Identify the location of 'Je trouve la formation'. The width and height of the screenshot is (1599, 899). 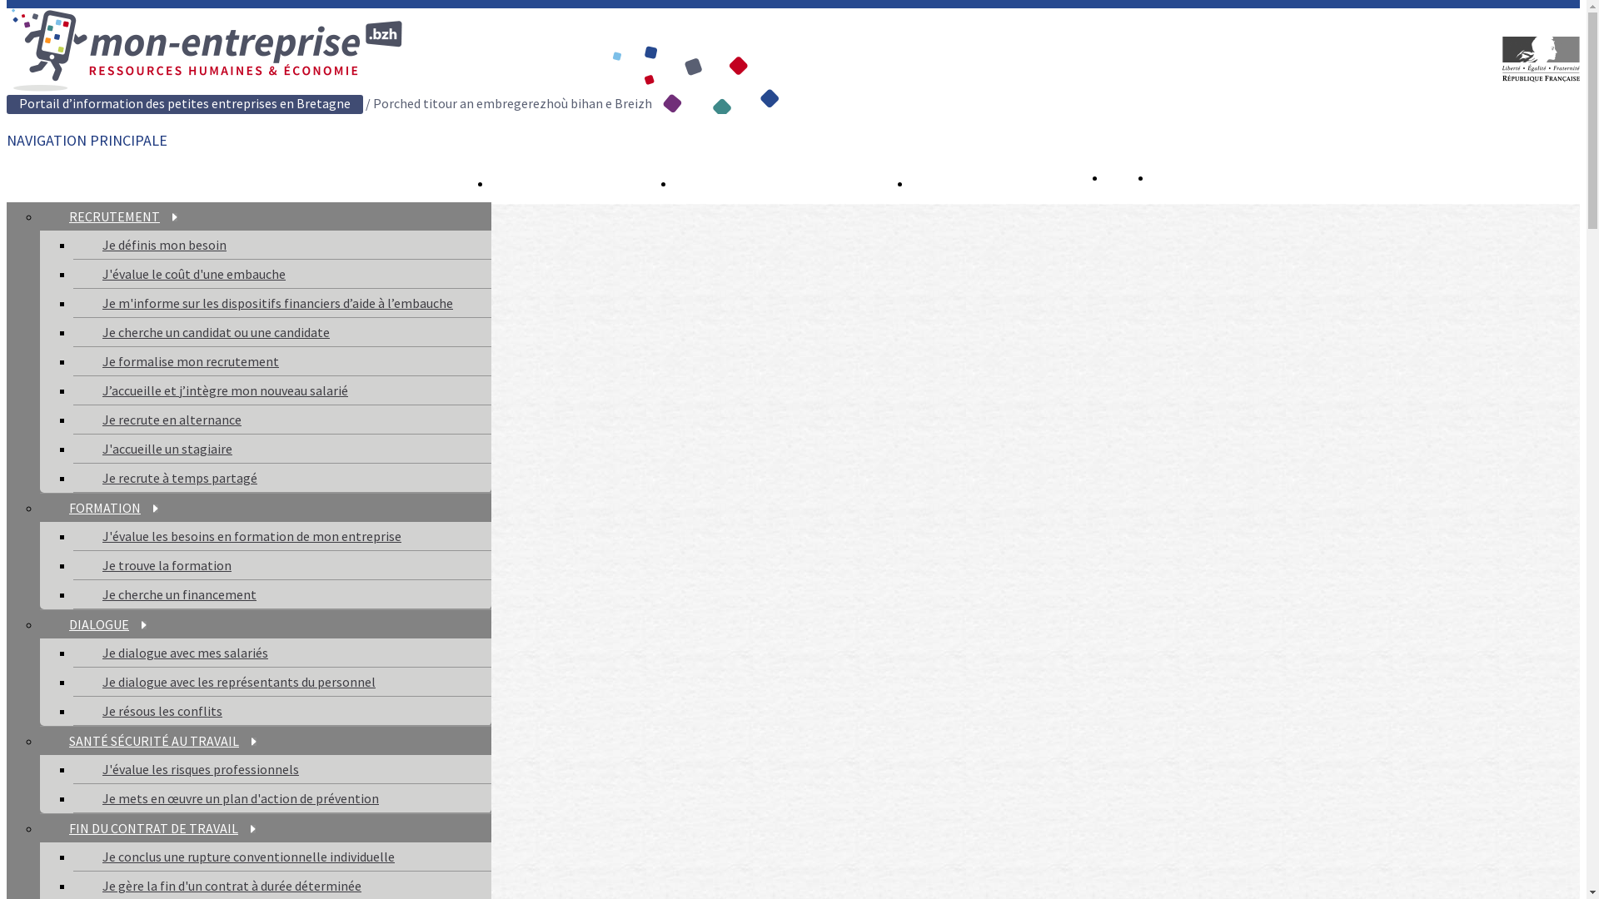
(167, 564).